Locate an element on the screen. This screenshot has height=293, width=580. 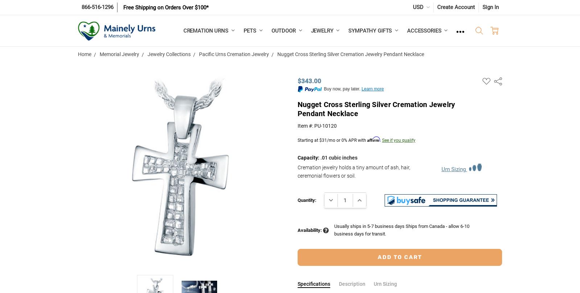
'Home' is located at coordinates (84, 54).